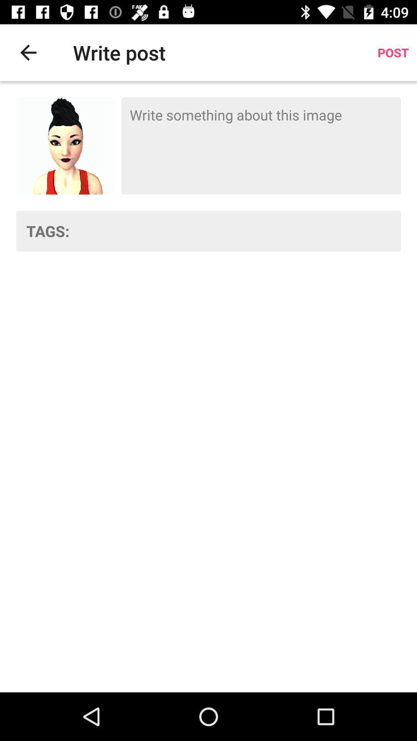 The height and width of the screenshot is (741, 417). Describe the element at coordinates (240, 230) in the screenshot. I see `the item next to the tags:` at that location.